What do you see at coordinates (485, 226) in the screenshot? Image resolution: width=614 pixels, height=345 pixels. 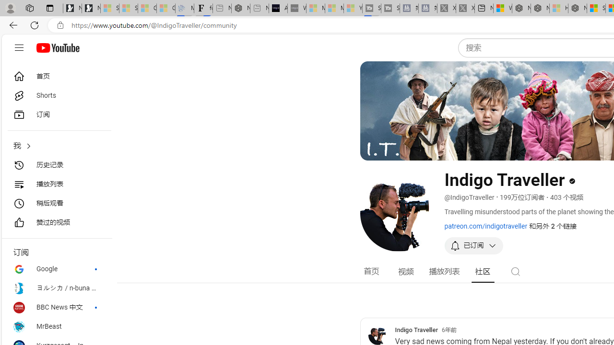 I see `'patreon.com/indigotraveller'` at bounding box center [485, 226].